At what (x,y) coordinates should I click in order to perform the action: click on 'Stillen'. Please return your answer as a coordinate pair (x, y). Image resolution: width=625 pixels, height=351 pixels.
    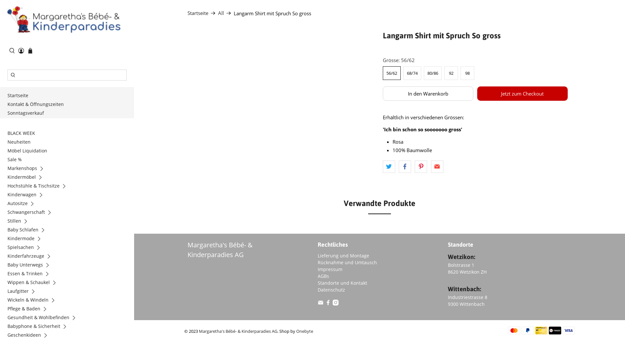
    Looking at the image, I should click on (20, 221).